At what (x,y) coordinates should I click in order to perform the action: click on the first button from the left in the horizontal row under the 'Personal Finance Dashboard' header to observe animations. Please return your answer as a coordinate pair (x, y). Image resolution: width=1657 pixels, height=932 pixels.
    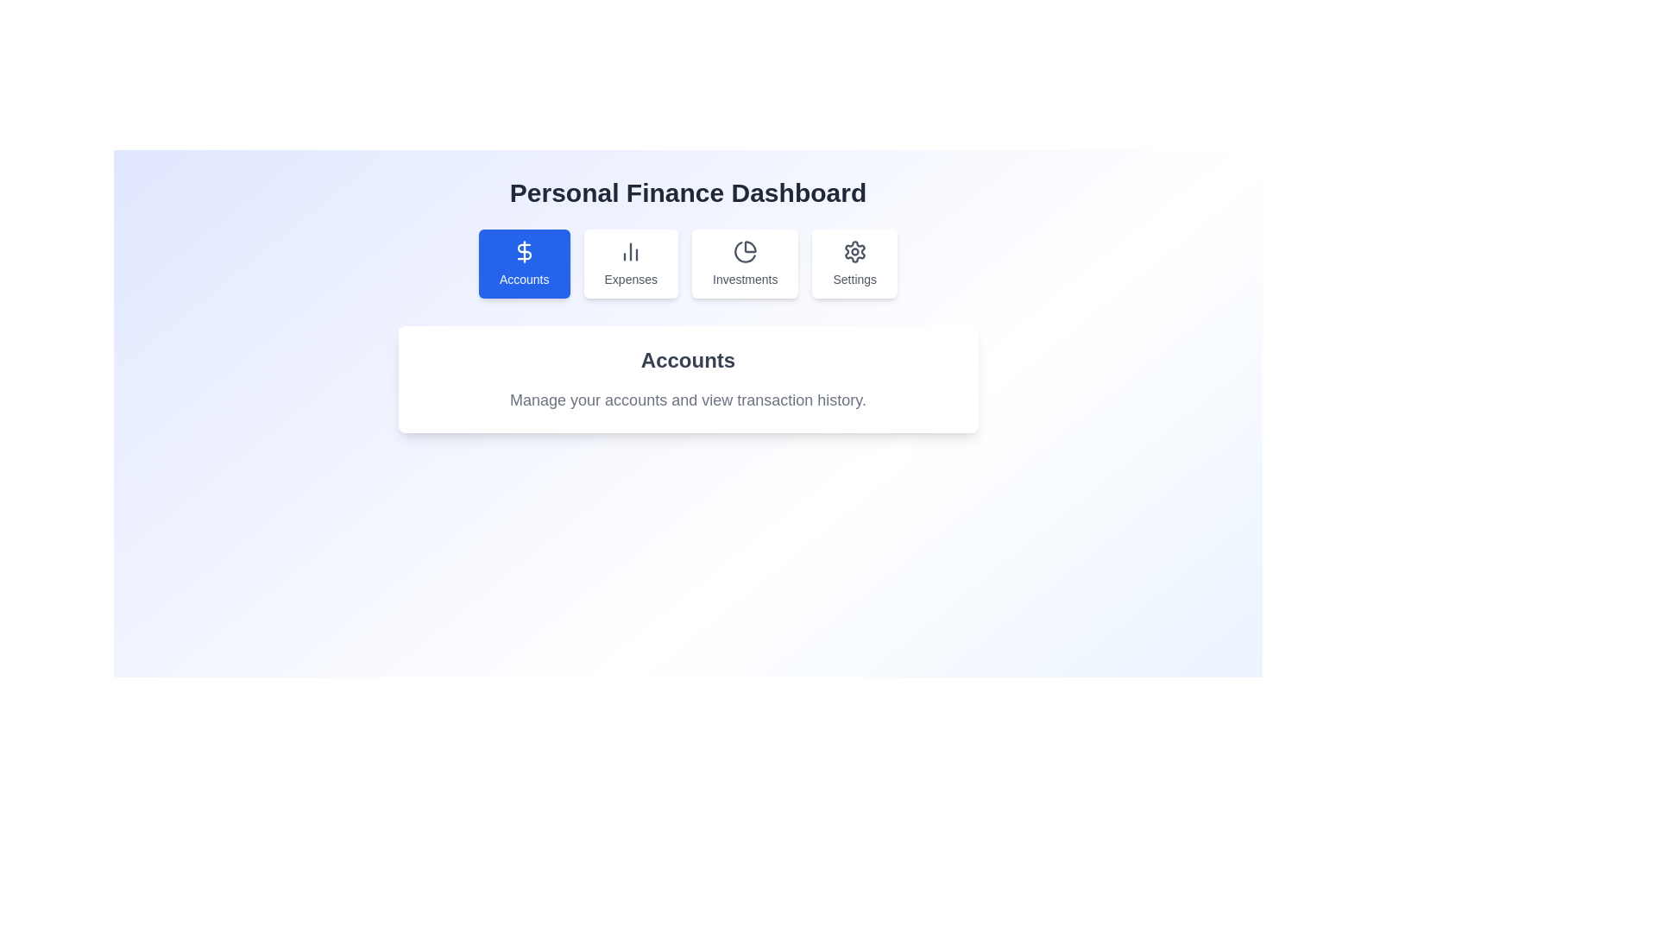
    Looking at the image, I should click on (523, 263).